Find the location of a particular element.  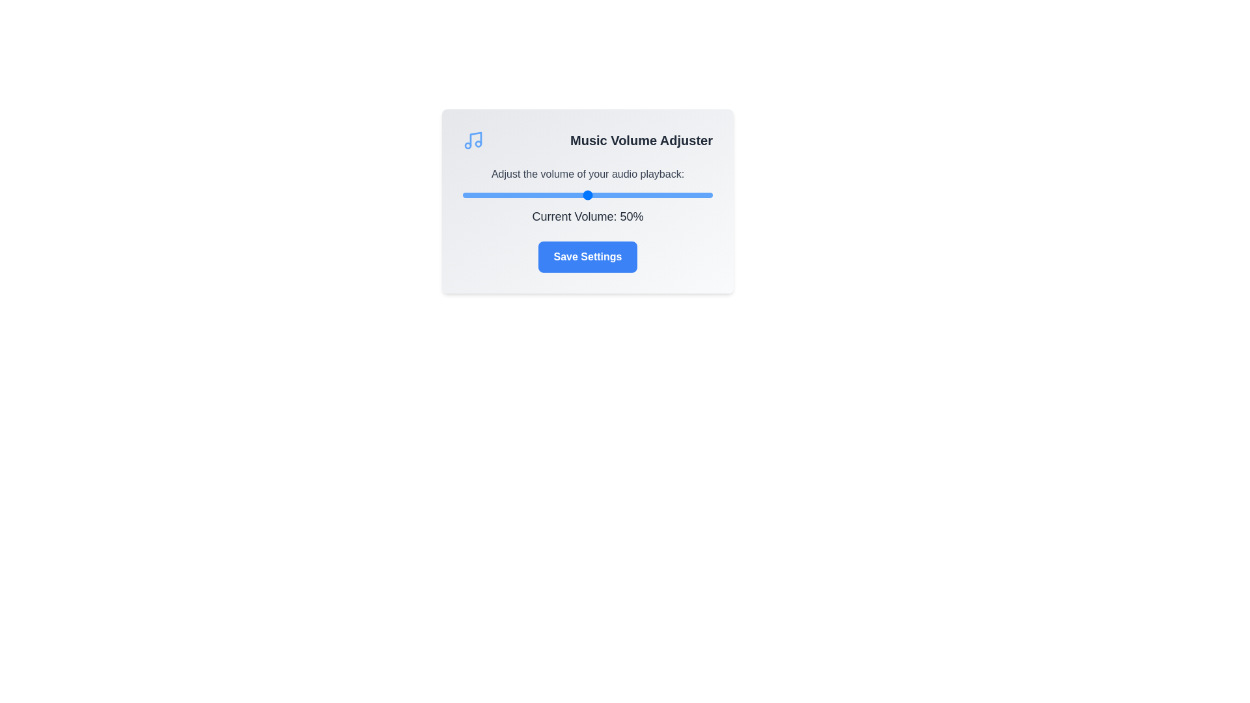

the musical icon to interact with it is located at coordinates (472, 141).